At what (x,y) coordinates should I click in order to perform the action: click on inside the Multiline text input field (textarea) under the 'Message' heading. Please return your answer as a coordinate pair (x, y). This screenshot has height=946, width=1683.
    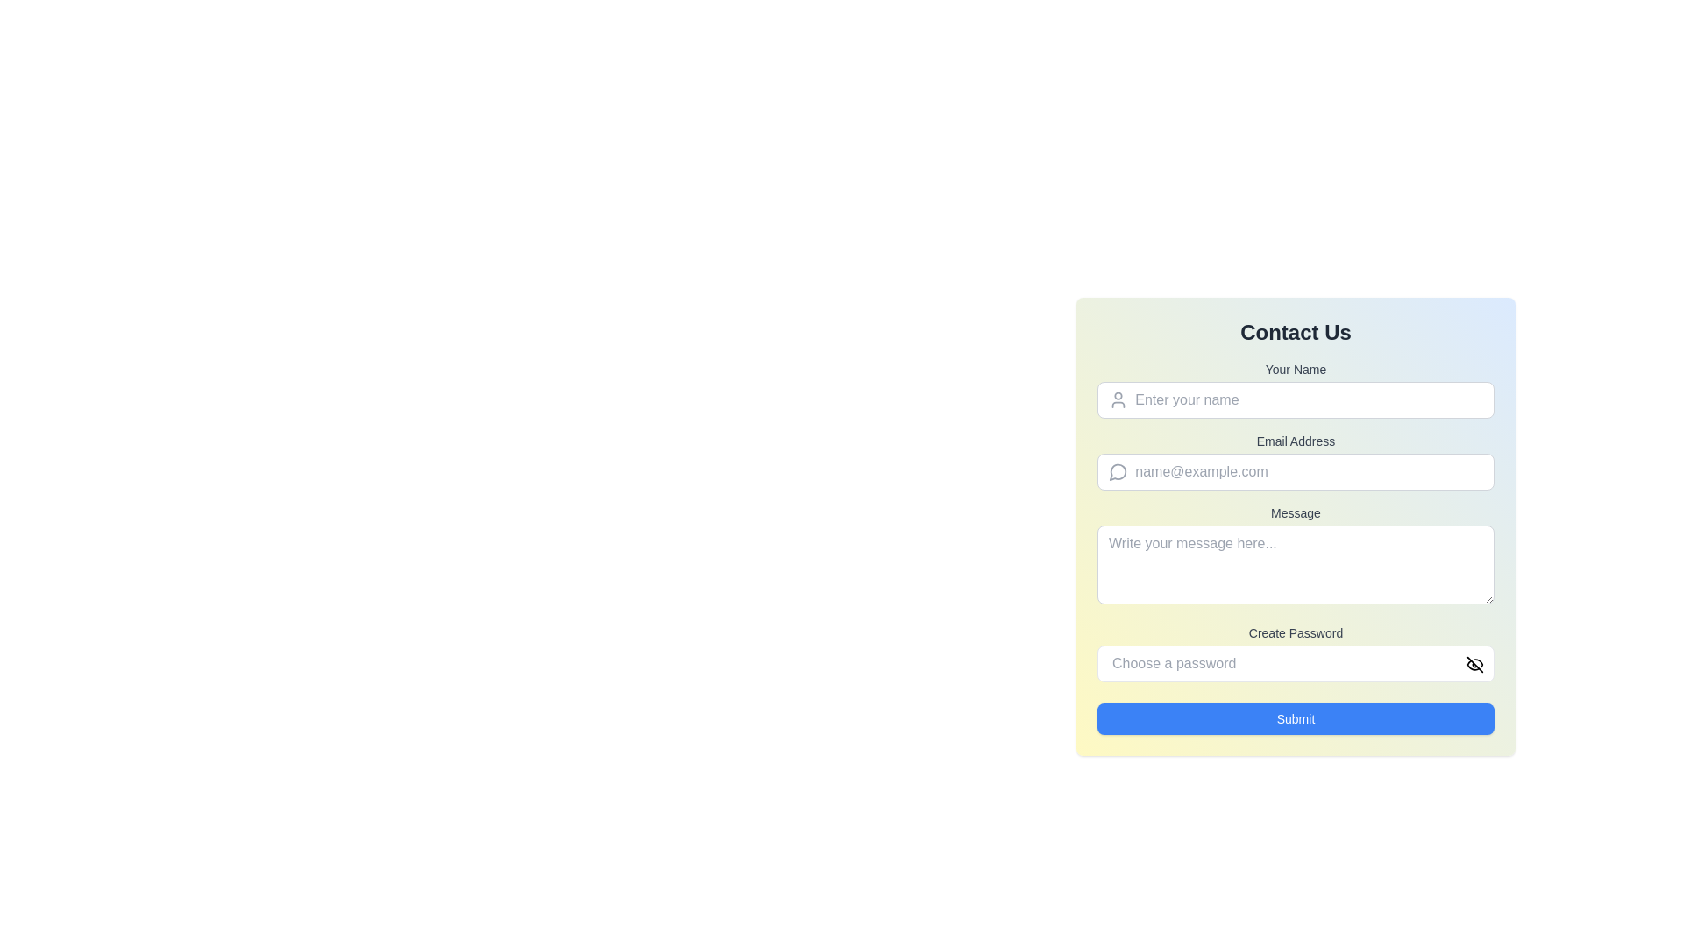
    Looking at the image, I should click on (1296, 526).